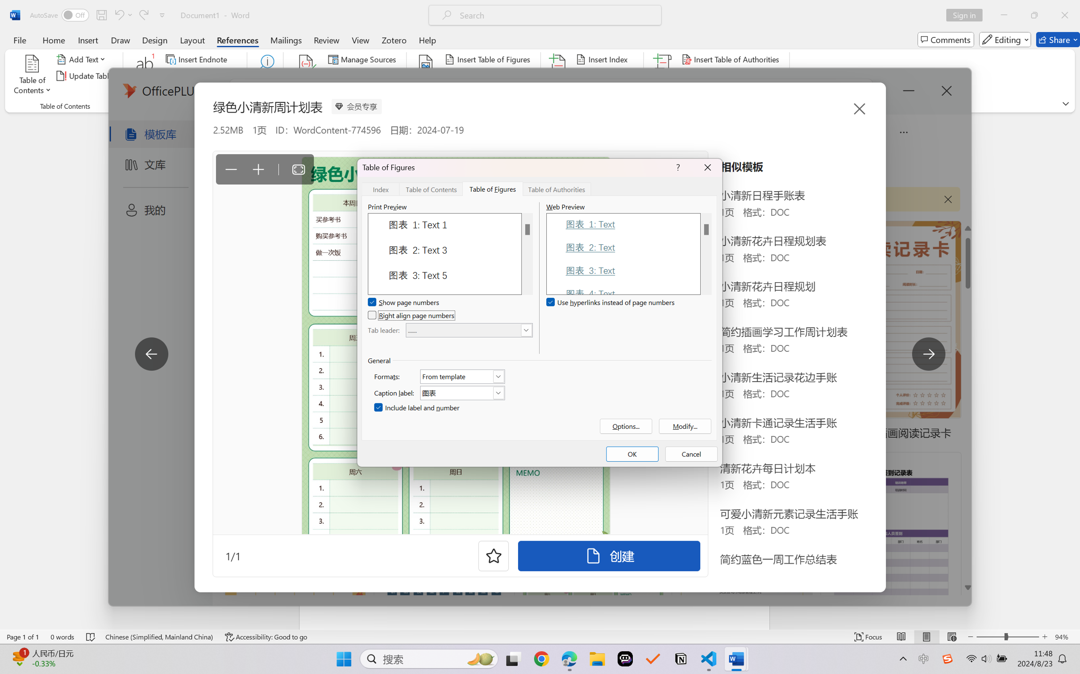 Image resolution: width=1080 pixels, height=674 pixels. I want to click on 'Table of Authorities', so click(557, 188).